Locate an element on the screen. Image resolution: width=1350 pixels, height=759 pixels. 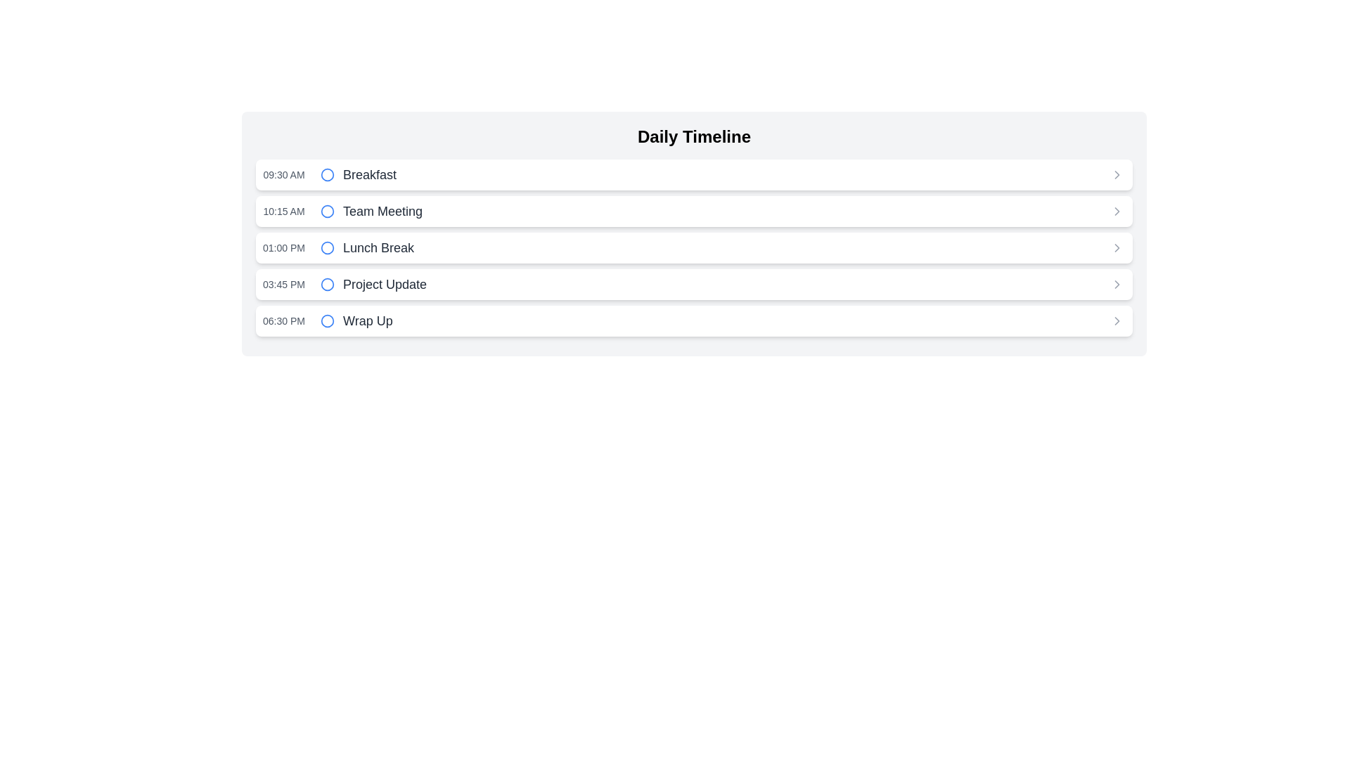
the text label displaying 'Team Meeting', which is styled with a larger font size and dark gray color, located in the second row of a timeline layout next to the time marker '10:15 AM' is located at coordinates (382, 211).